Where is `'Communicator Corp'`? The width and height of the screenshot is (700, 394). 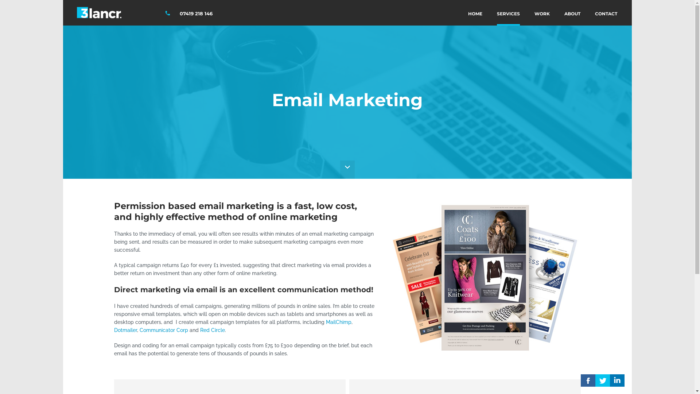
'Communicator Corp' is located at coordinates (139, 330).